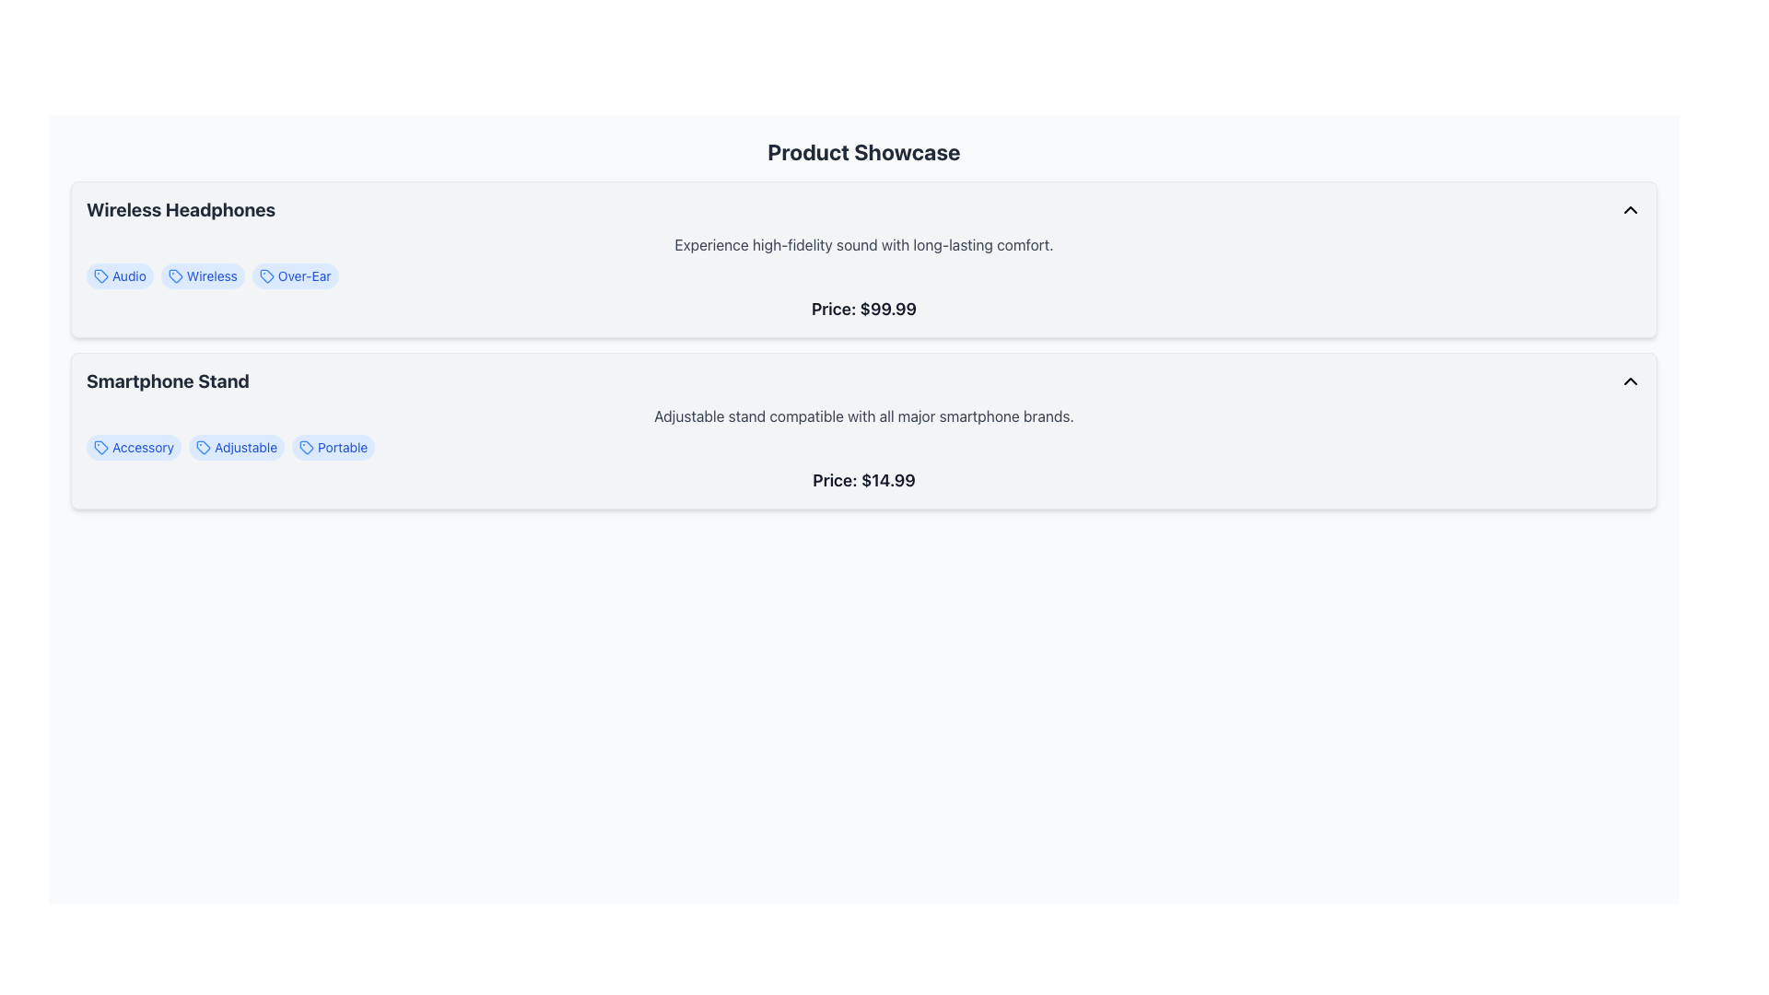 The height and width of the screenshot is (995, 1769). Describe the element at coordinates (119, 276) in the screenshot. I see `the first label or chip categorizing the 'Wireless Headphones' product, positioned to the far left under the title` at that location.